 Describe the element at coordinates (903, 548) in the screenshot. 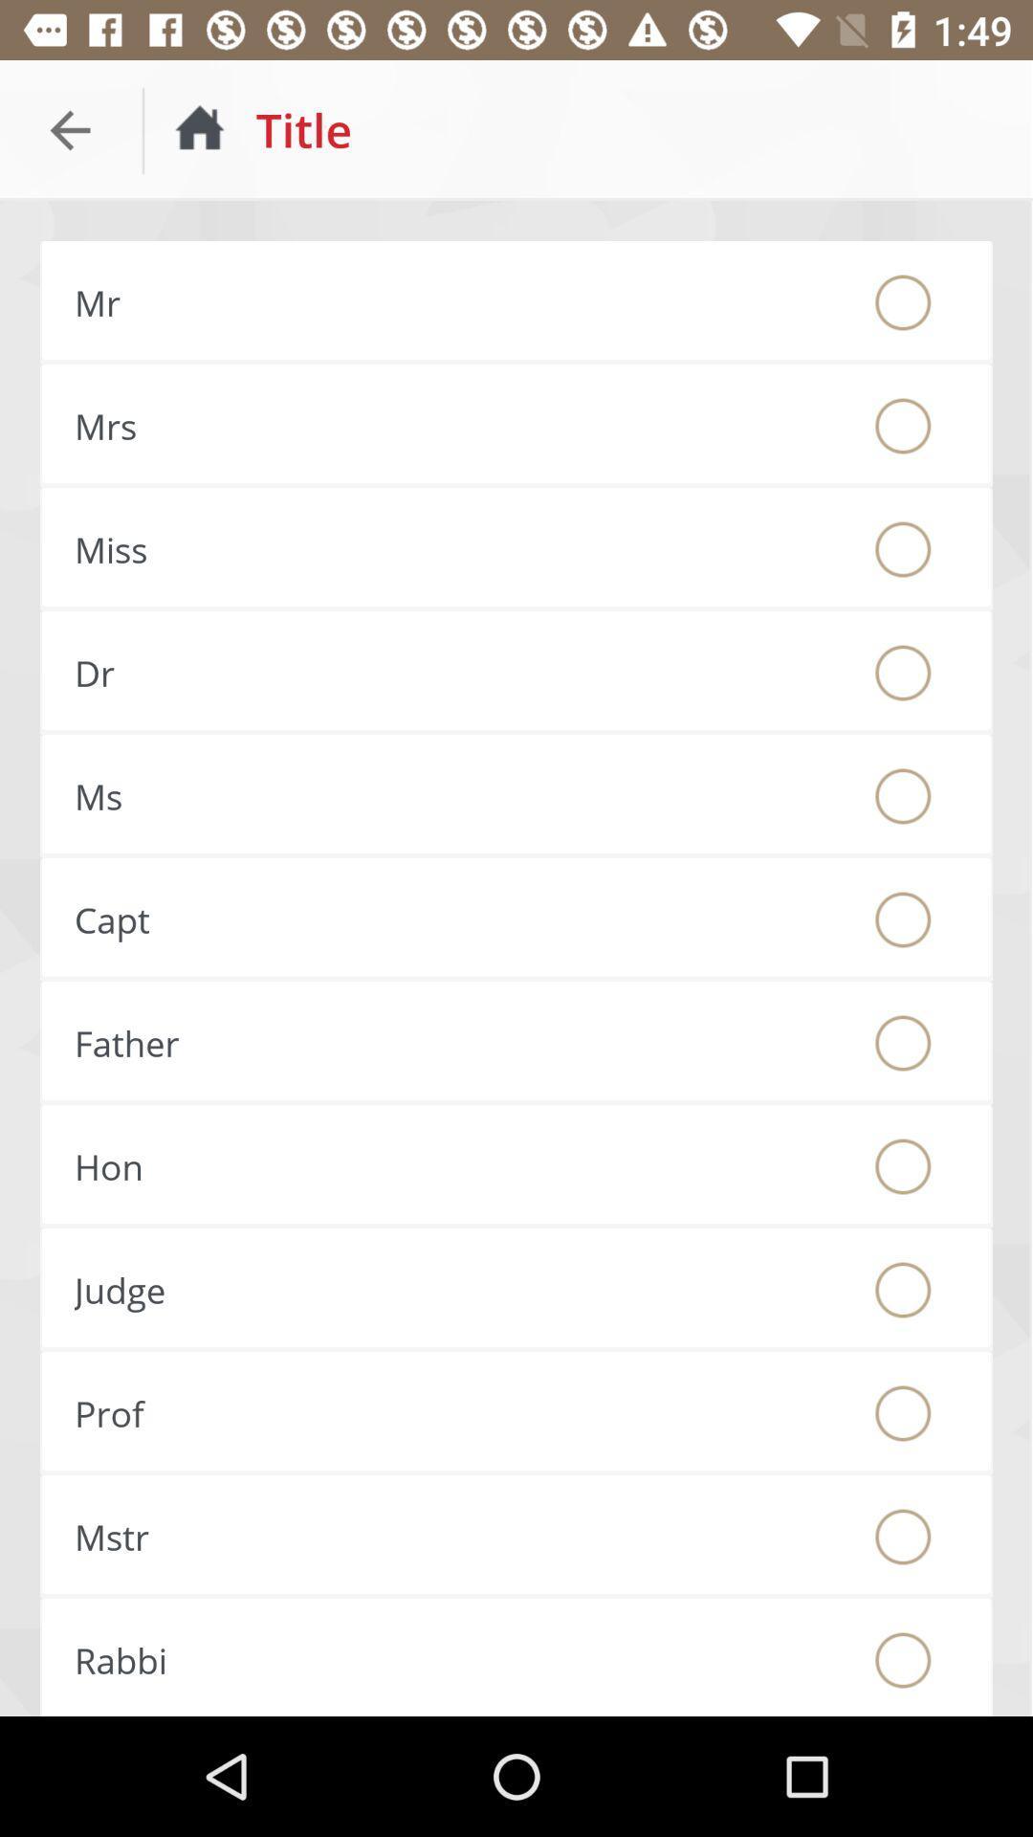

I see `fill identifier bubble` at that location.